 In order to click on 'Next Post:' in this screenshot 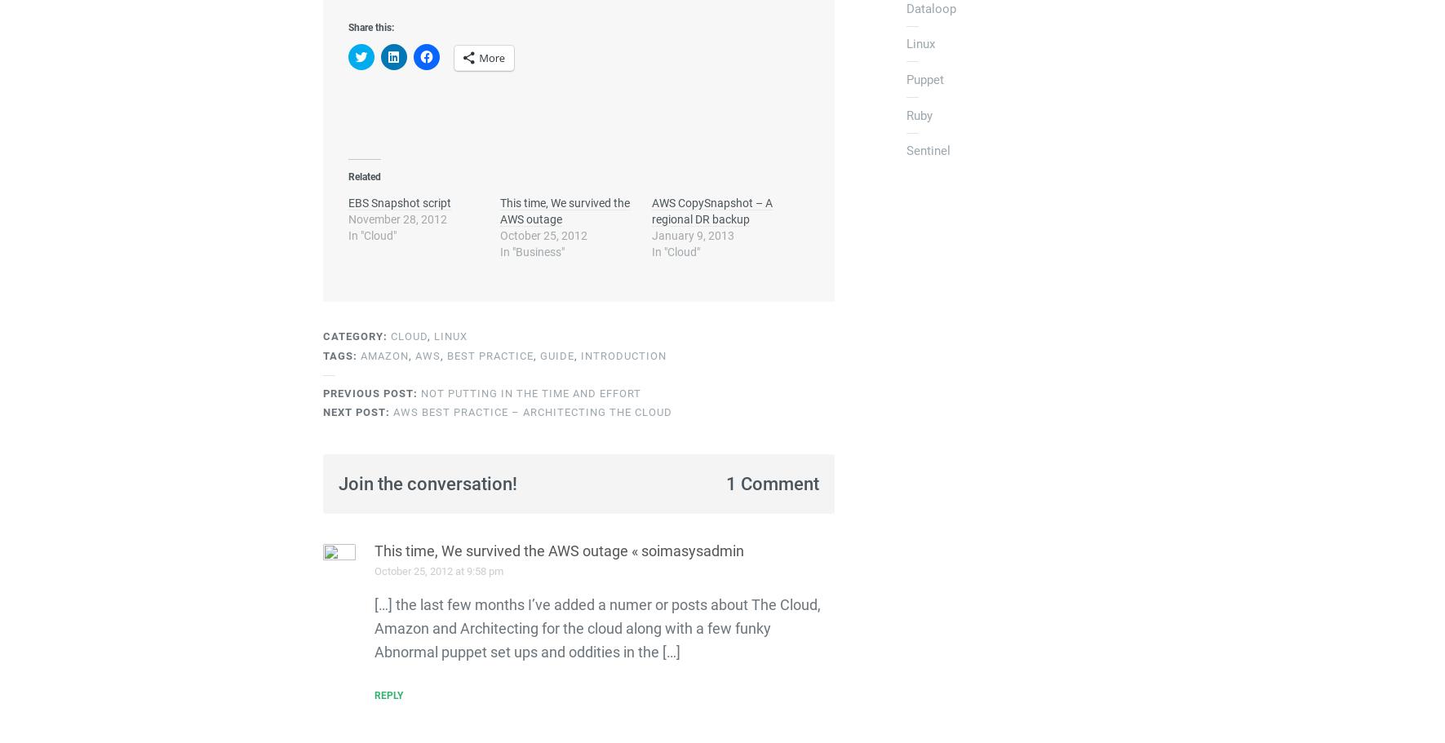, I will do `click(356, 412)`.